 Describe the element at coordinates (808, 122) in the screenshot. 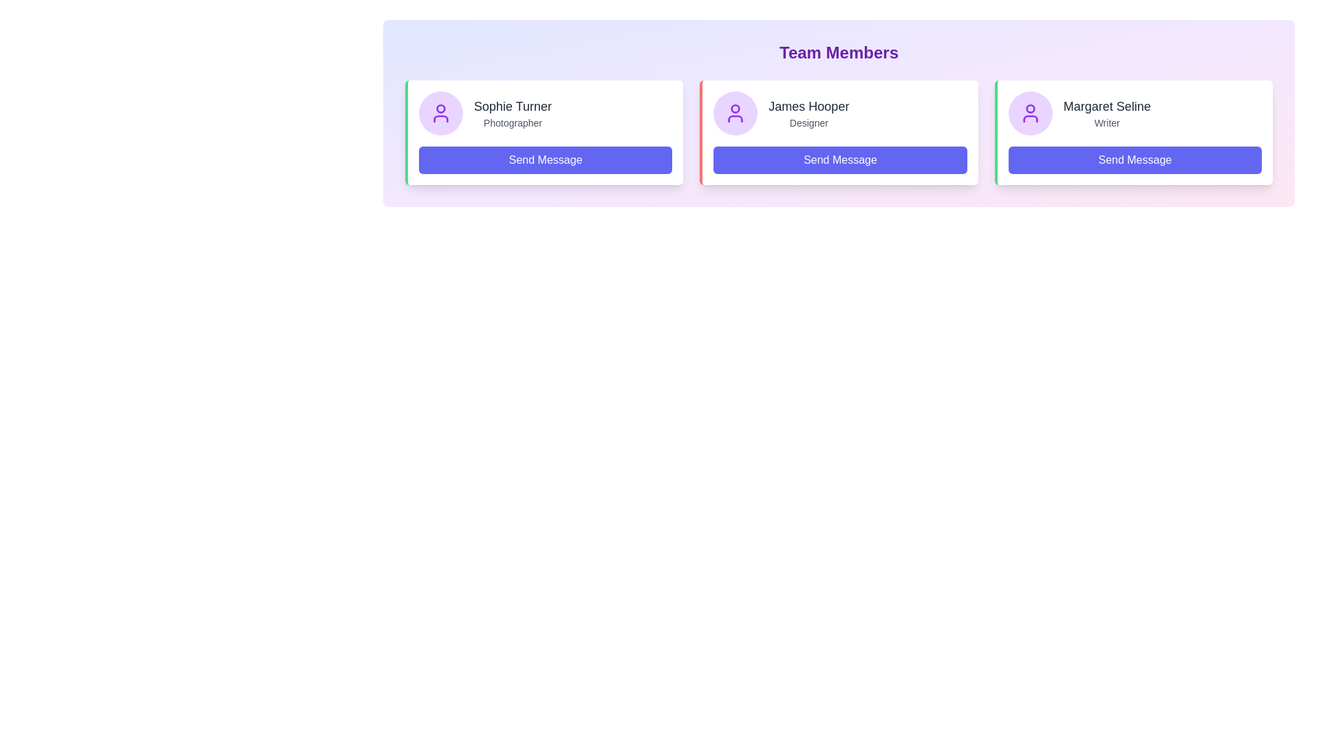

I see `Text Label indicating the role or occupation of 'James Hooper', which is located directly beneath the name text and centrally aligned within the card` at that location.